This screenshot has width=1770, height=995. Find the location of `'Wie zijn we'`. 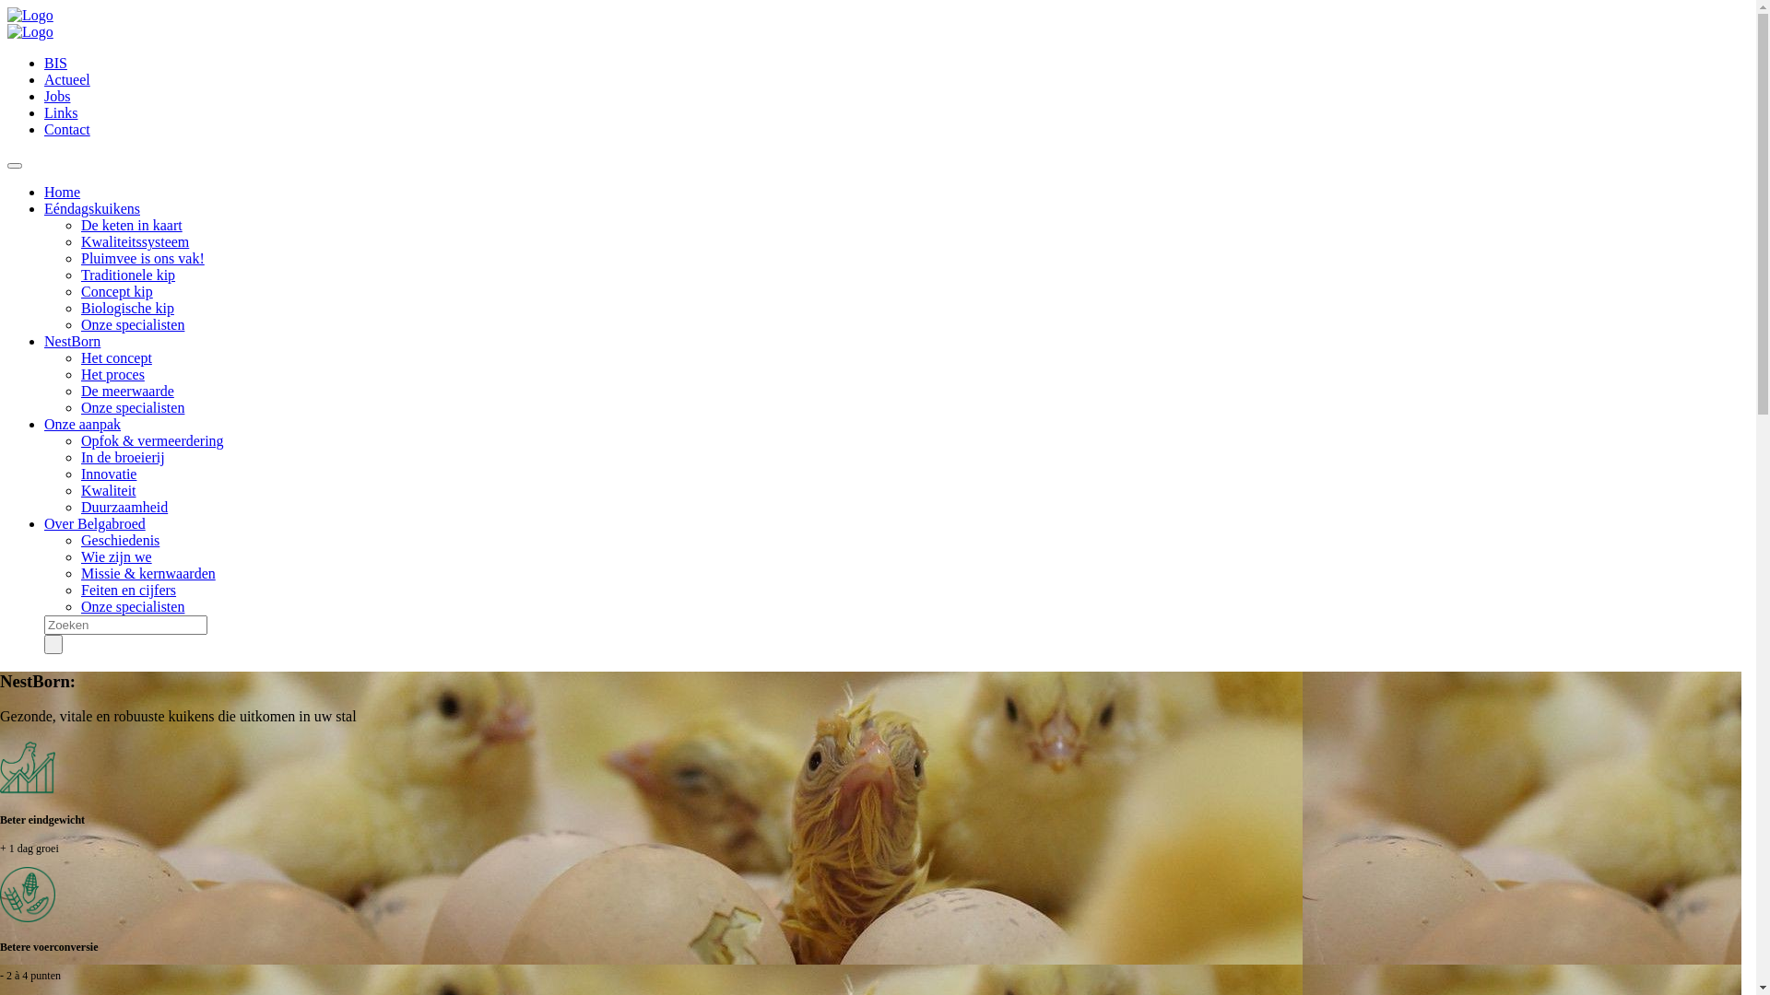

'Wie zijn we' is located at coordinates (115, 556).